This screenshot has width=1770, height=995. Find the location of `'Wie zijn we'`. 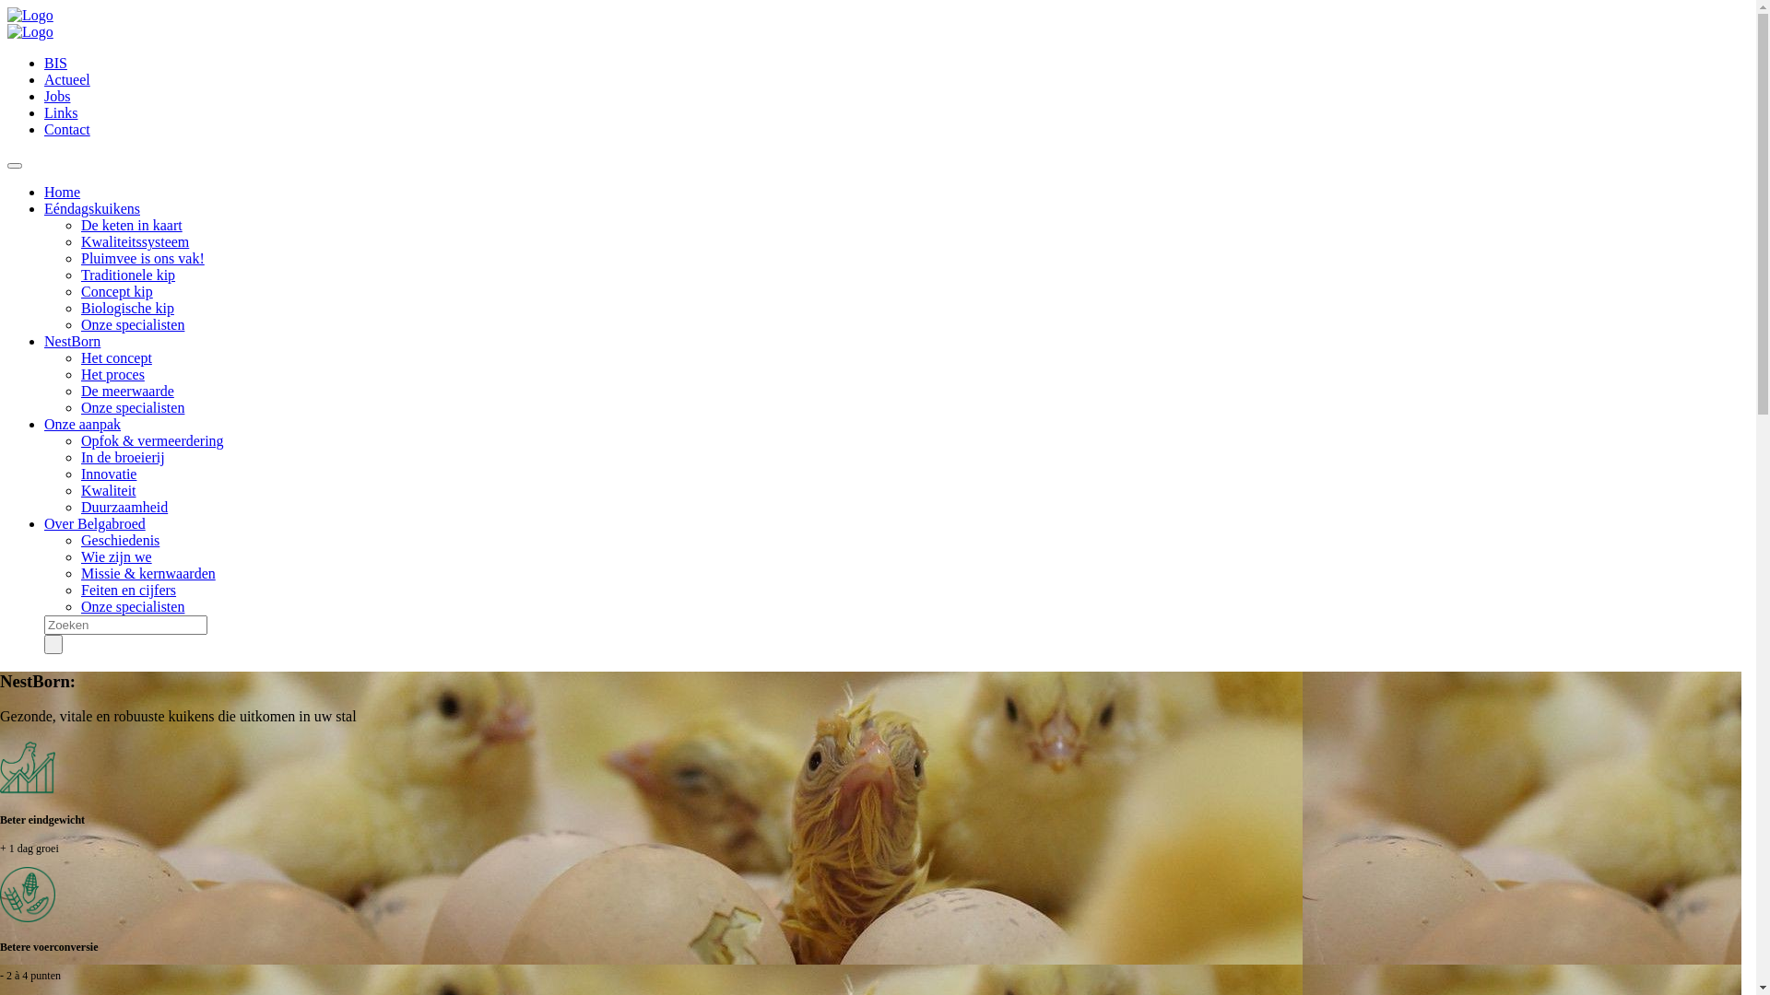

'Wie zijn we' is located at coordinates (115, 556).